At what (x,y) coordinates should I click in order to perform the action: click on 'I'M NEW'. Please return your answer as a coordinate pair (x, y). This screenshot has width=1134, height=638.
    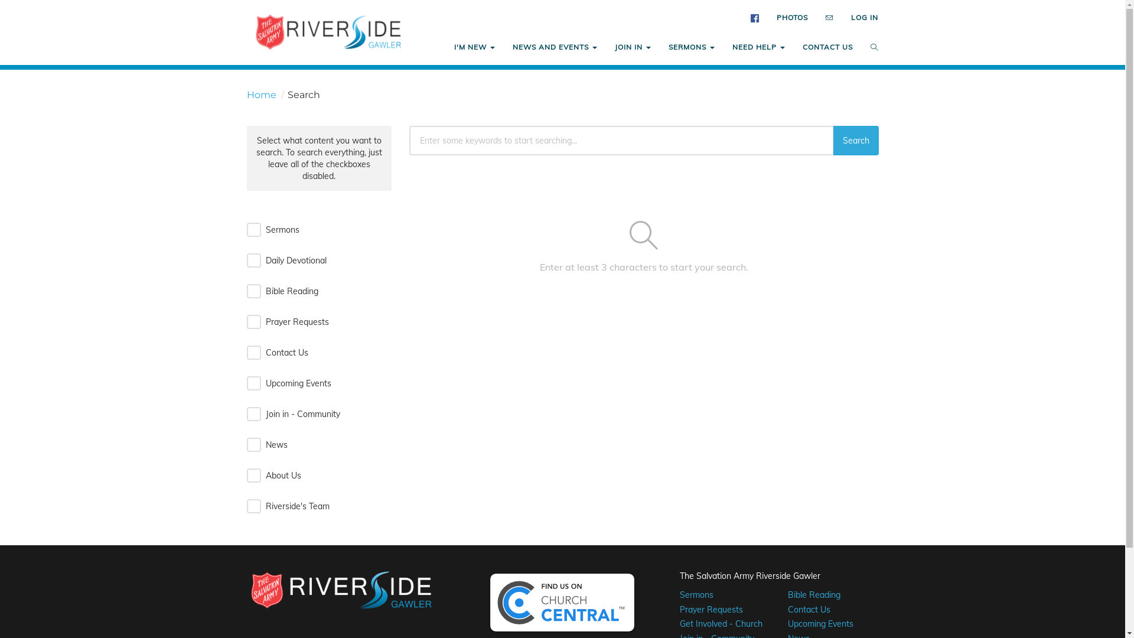
    Looking at the image, I should click on (474, 47).